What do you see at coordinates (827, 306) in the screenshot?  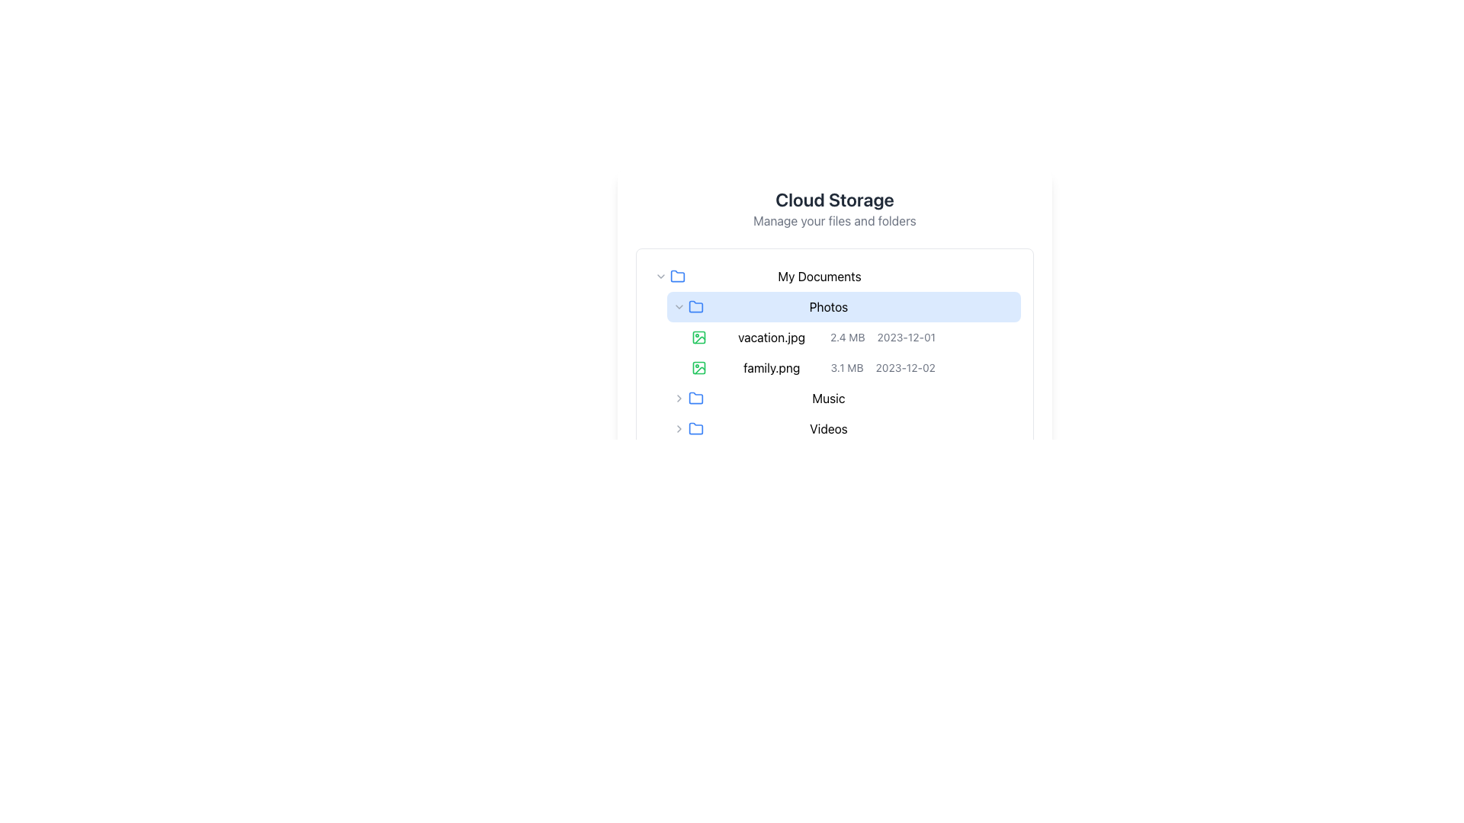 I see `the 'Photos' text label, which displays the word in a black sans-serif font on a light blue background, located below the 'My Documents' title in the file display interface` at bounding box center [827, 306].